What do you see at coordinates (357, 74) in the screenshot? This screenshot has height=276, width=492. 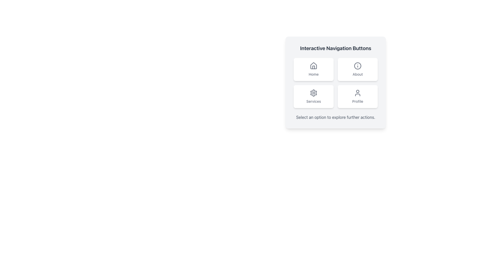 I see `the 'About' text label located at the bottom of the 'About' button in the top-right corner of the navigation button grid` at bounding box center [357, 74].